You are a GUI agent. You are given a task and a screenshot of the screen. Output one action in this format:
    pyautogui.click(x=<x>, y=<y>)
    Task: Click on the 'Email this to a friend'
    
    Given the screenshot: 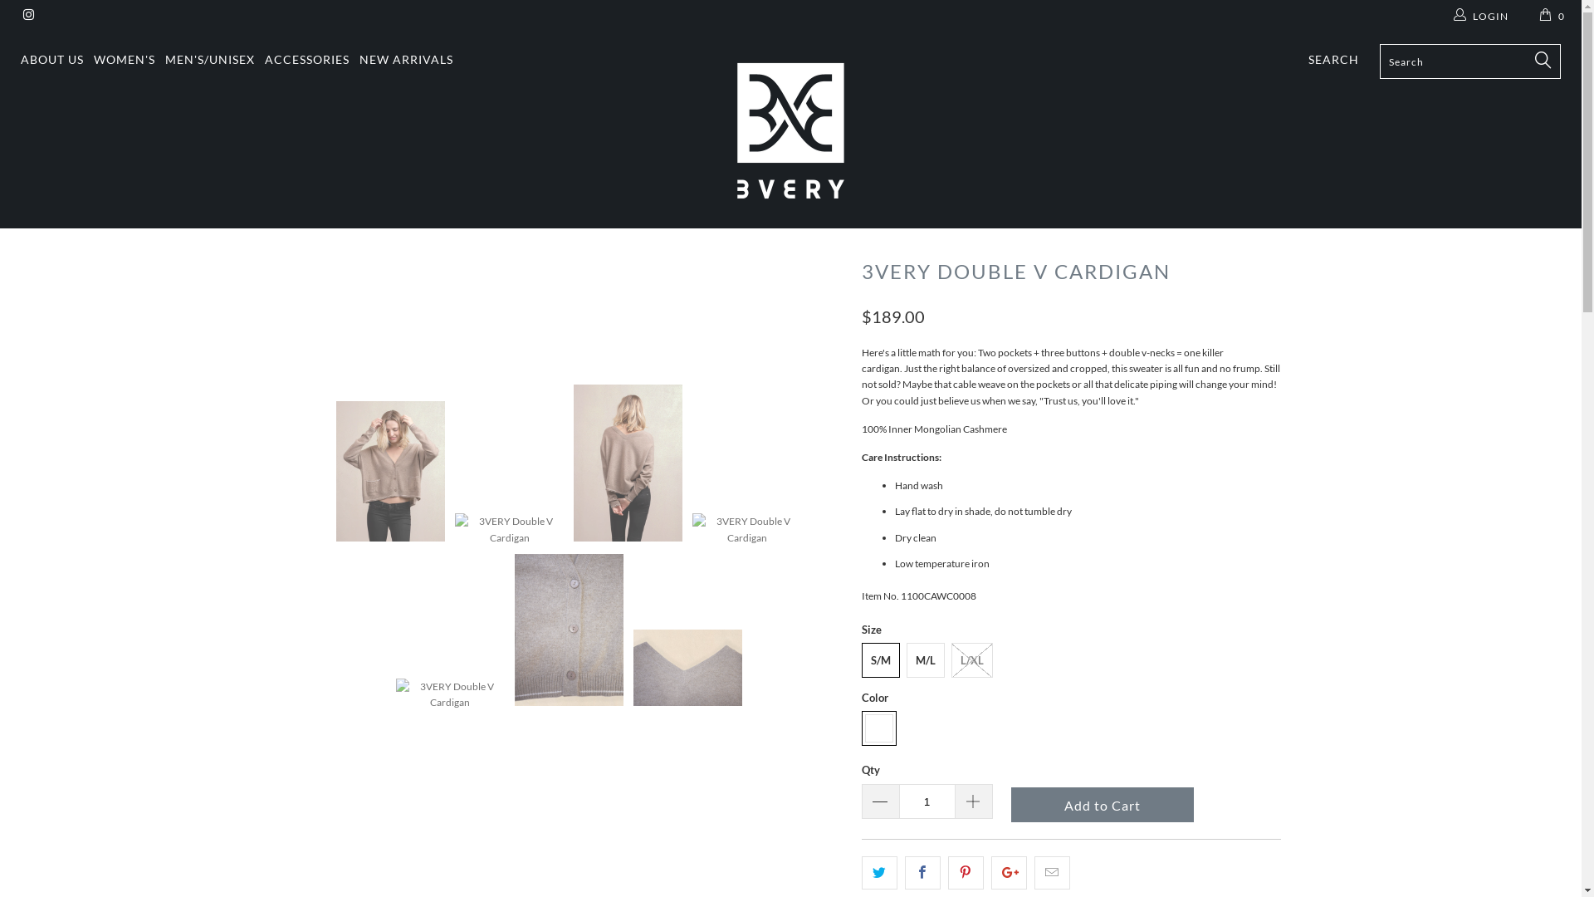 What is the action you would take?
    pyautogui.click(x=1034, y=871)
    